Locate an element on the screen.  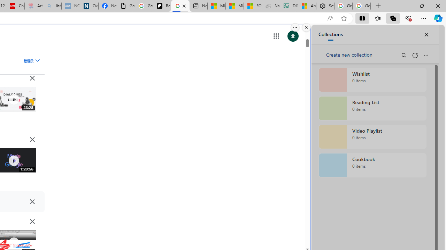
'FOX News - MSN' is located at coordinates (252, 6).